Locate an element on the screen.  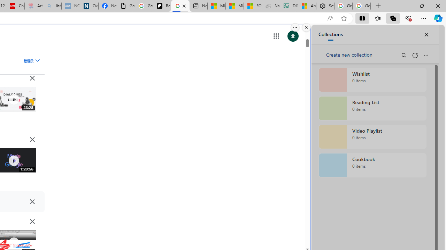
'FOX News - MSN' is located at coordinates (252, 6).